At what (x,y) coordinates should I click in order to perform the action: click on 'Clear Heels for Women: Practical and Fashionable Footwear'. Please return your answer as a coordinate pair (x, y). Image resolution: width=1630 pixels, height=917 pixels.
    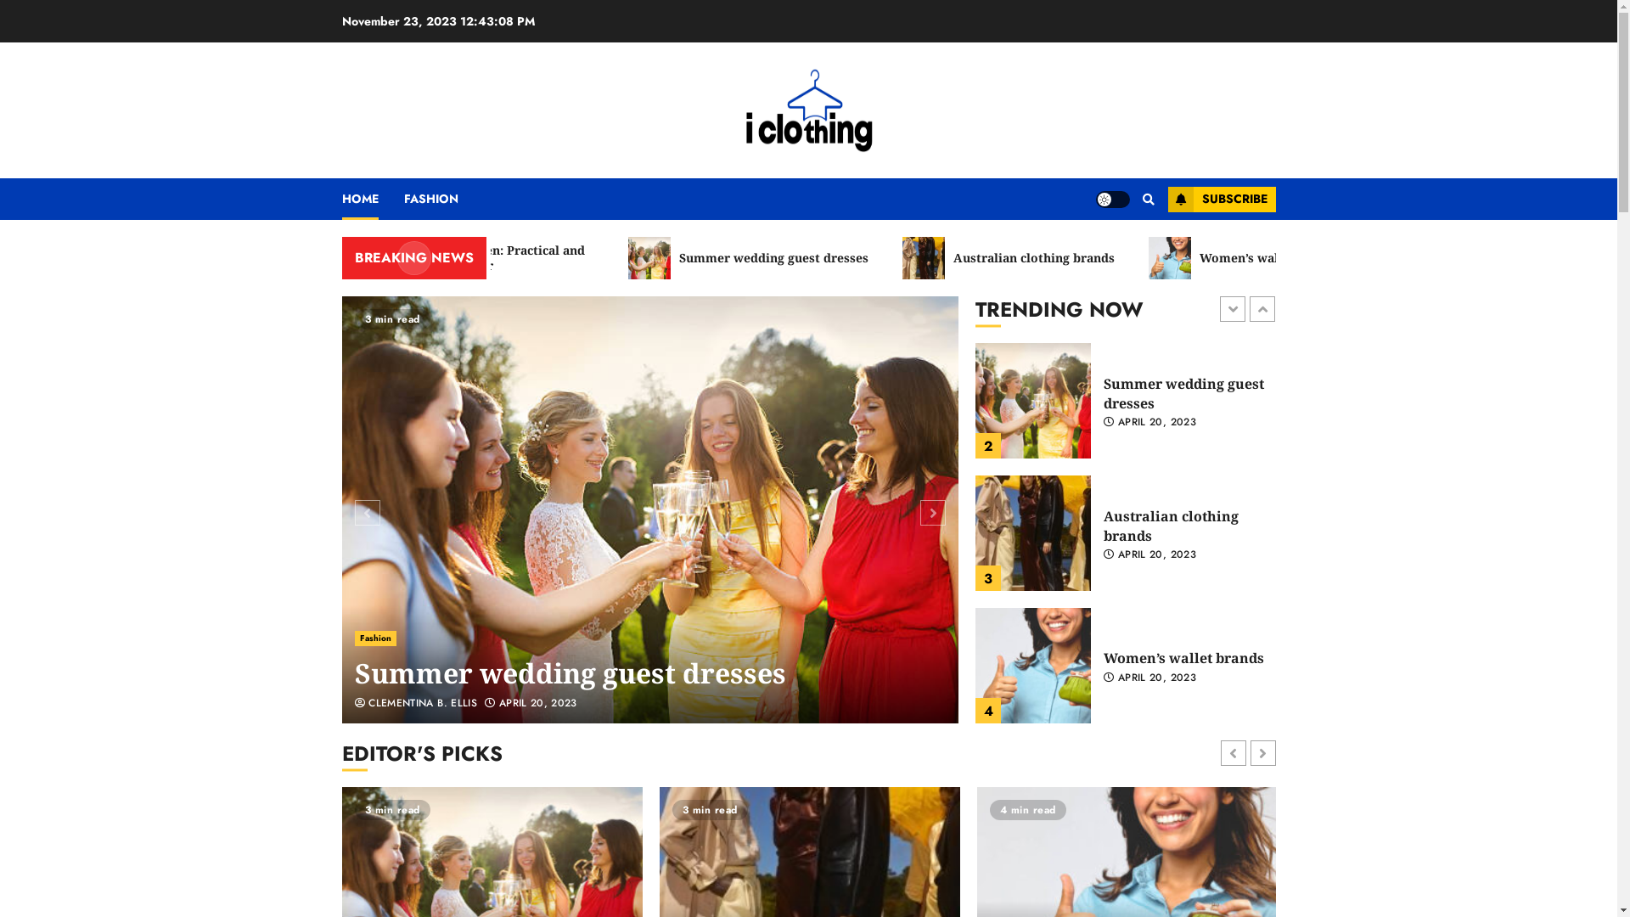
    Looking at the image, I should click on (1032, 400).